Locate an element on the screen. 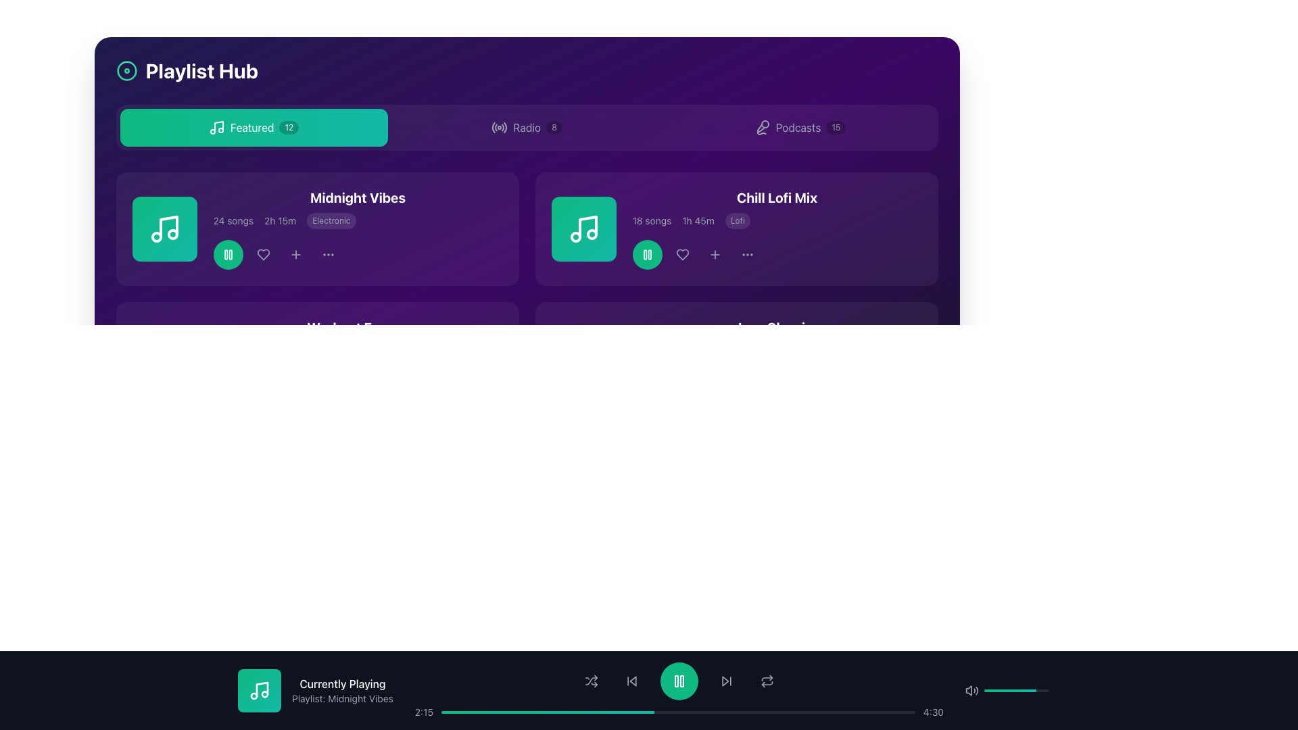 This screenshot has height=730, width=1298. the pill-shaped text label displaying 'Lofi' located in the playlist details section below the title 'Chill Lofi Mix' is located at coordinates (737, 220).